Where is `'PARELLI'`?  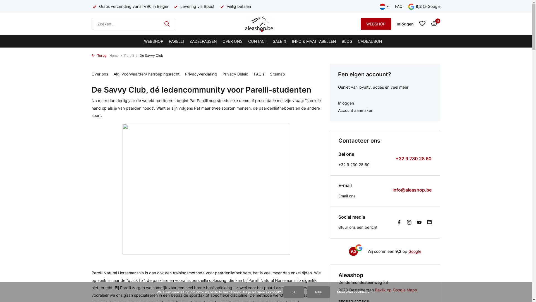 'PARELLI' is located at coordinates (176, 41).